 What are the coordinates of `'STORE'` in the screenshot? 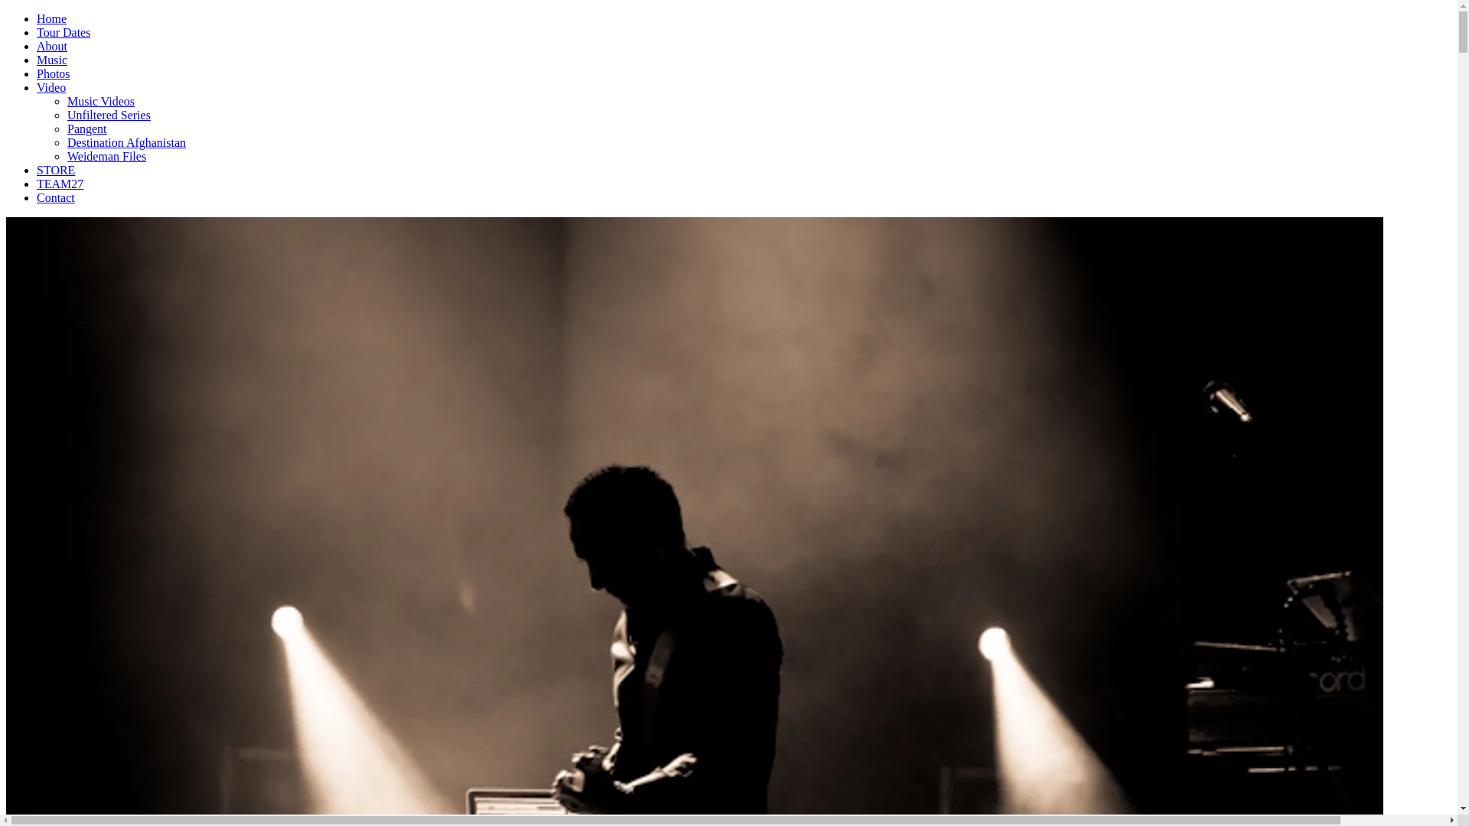 It's located at (55, 170).